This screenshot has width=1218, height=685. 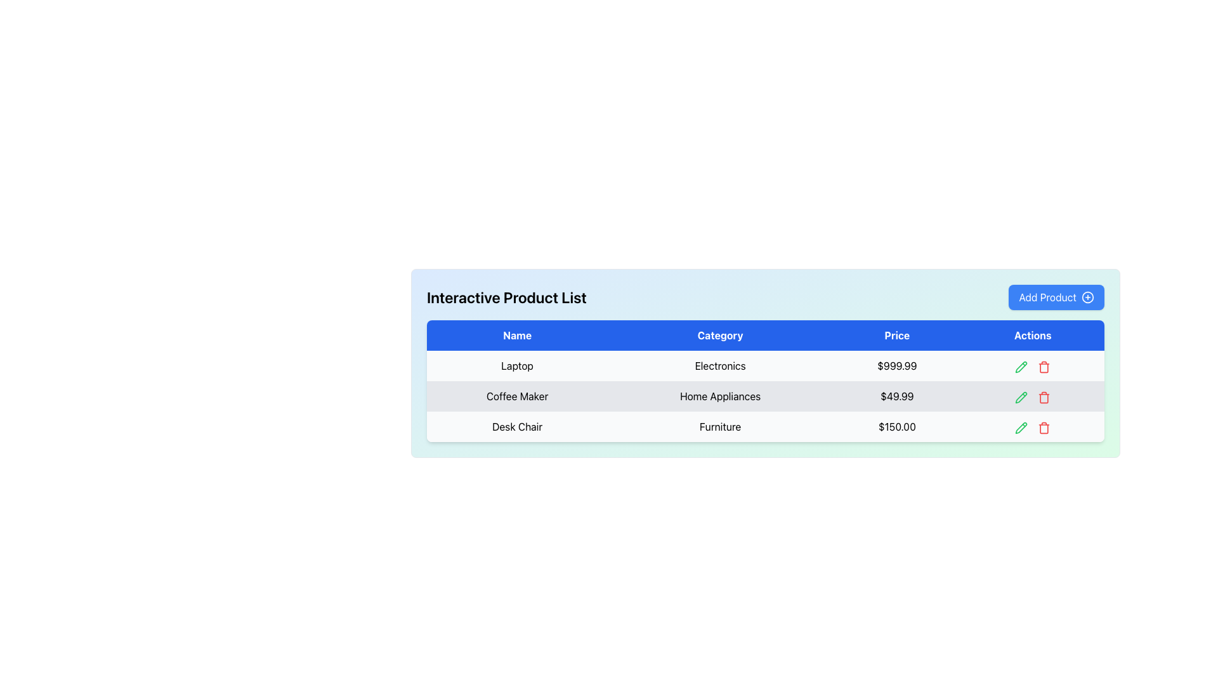 What do you see at coordinates (1056, 297) in the screenshot?
I see `the 'Add Product' button, which has rounded corners, a vibrant blue background, and contains white text aligned next to a circular plus icon, located at the top-right corner of the layout` at bounding box center [1056, 297].